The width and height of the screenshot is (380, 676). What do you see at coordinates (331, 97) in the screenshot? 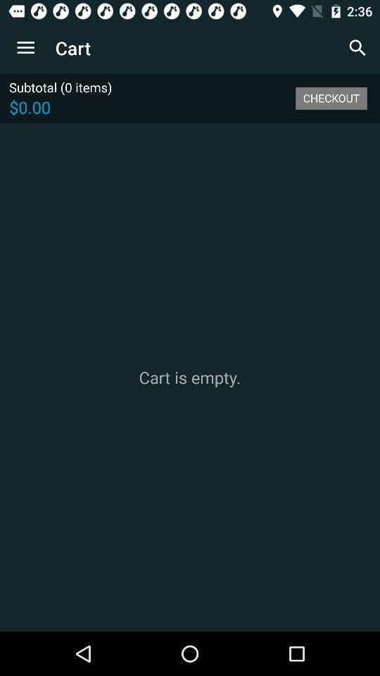
I see `the checkout` at bounding box center [331, 97].